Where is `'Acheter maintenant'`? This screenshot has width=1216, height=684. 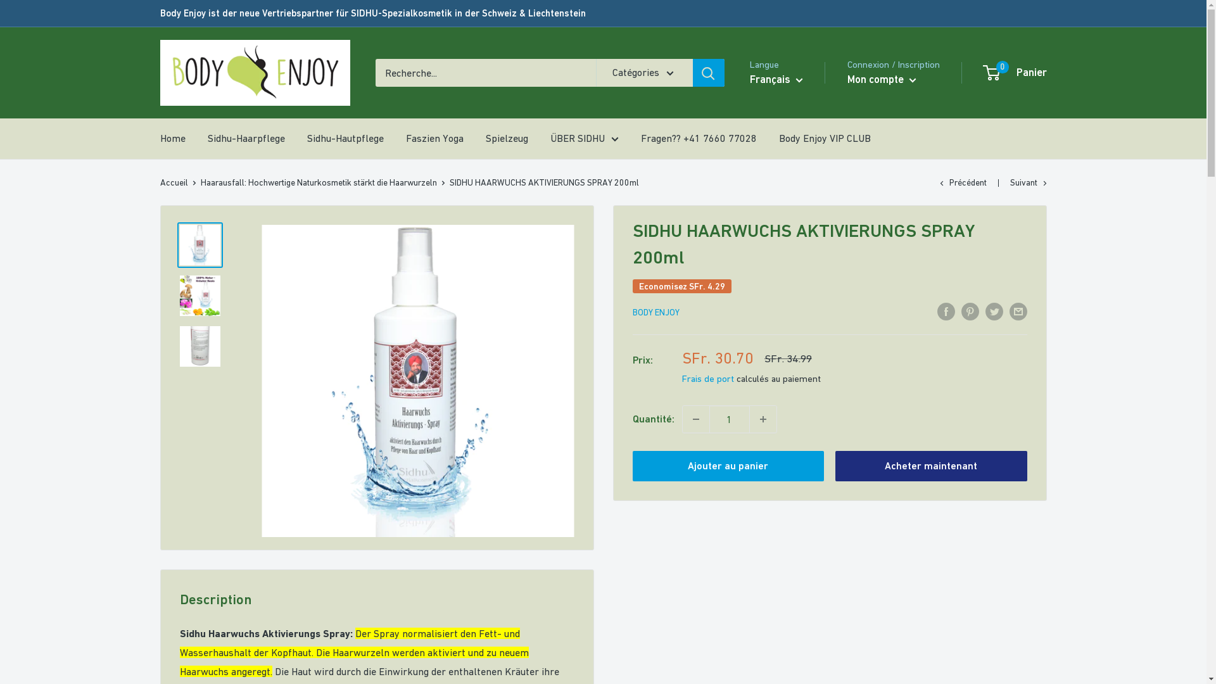
'Acheter maintenant' is located at coordinates (931, 466).